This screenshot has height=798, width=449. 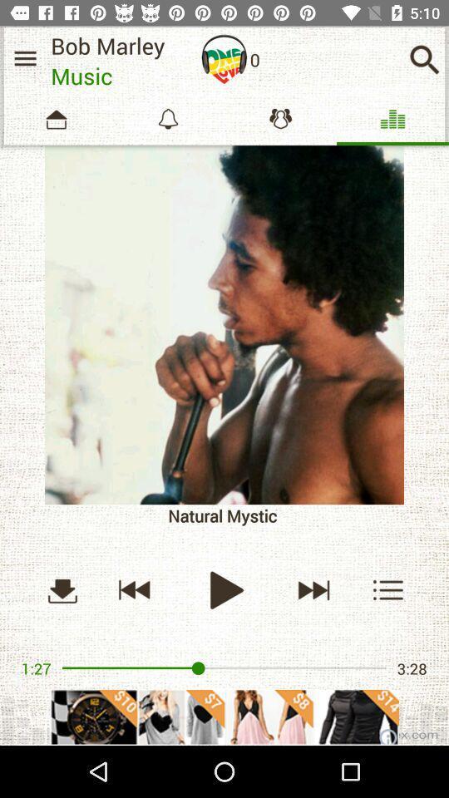 What do you see at coordinates (224, 59) in the screenshot?
I see `speaker` at bounding box center [224, 59].